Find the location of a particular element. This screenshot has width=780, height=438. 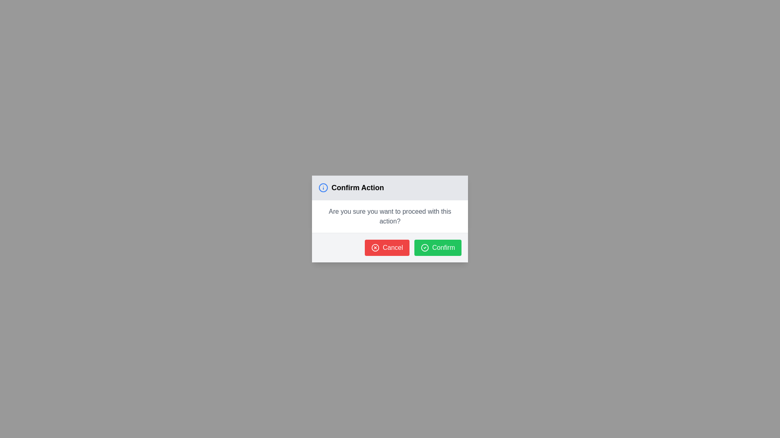

the circular icon located near the top-left corner of the 'Confirm Action' dialog box, which resembles a button and is styled uniformly with a bold border is located at coordinates (375, 247).